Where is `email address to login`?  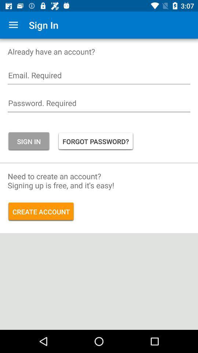
email address to login is located at coordinates (99, 77).